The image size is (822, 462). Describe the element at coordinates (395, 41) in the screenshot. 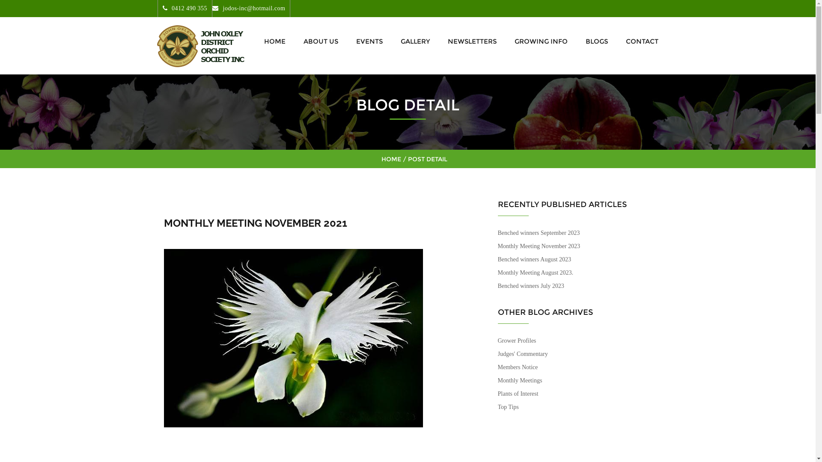

I see `'GALLERY'` at that location.